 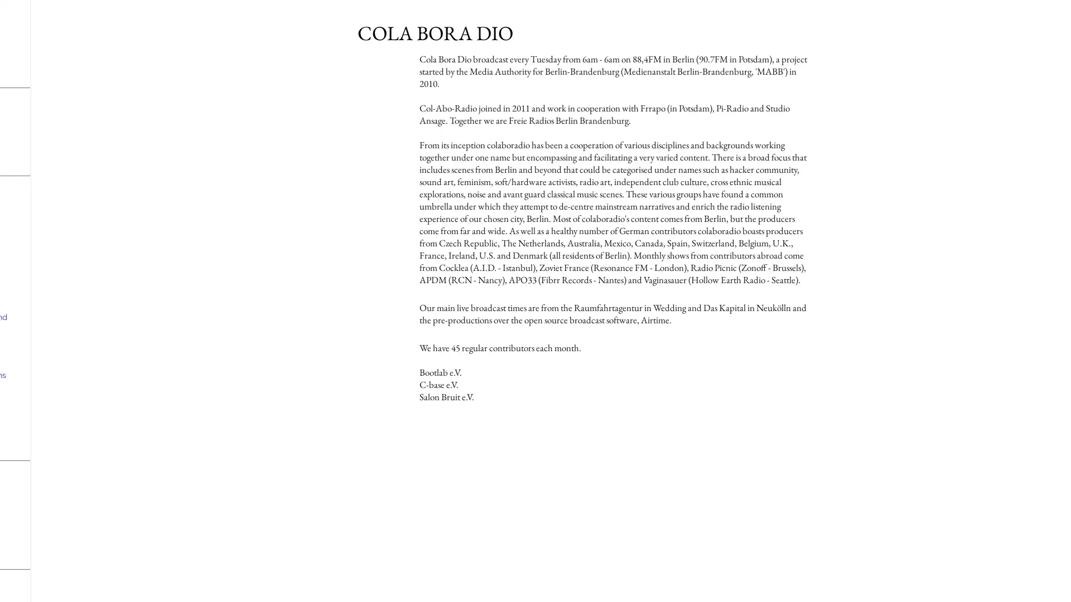 What do you see at coordinates (93, 47) in the screenshot?
I see `mute` at bounding box center [93, 47].